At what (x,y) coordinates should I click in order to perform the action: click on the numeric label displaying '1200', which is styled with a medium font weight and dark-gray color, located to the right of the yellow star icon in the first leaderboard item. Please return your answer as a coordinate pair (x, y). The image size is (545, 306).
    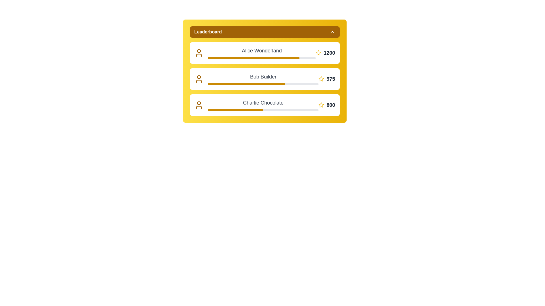
    Looking at the image, I should click on (329, 53).